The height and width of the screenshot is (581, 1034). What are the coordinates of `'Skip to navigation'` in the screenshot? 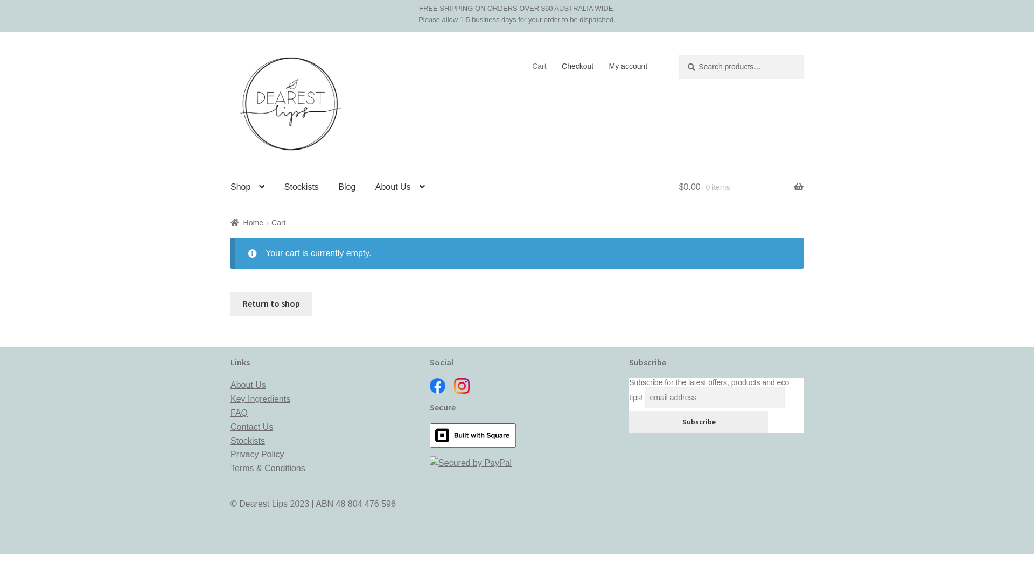 It's located at (229, 54).